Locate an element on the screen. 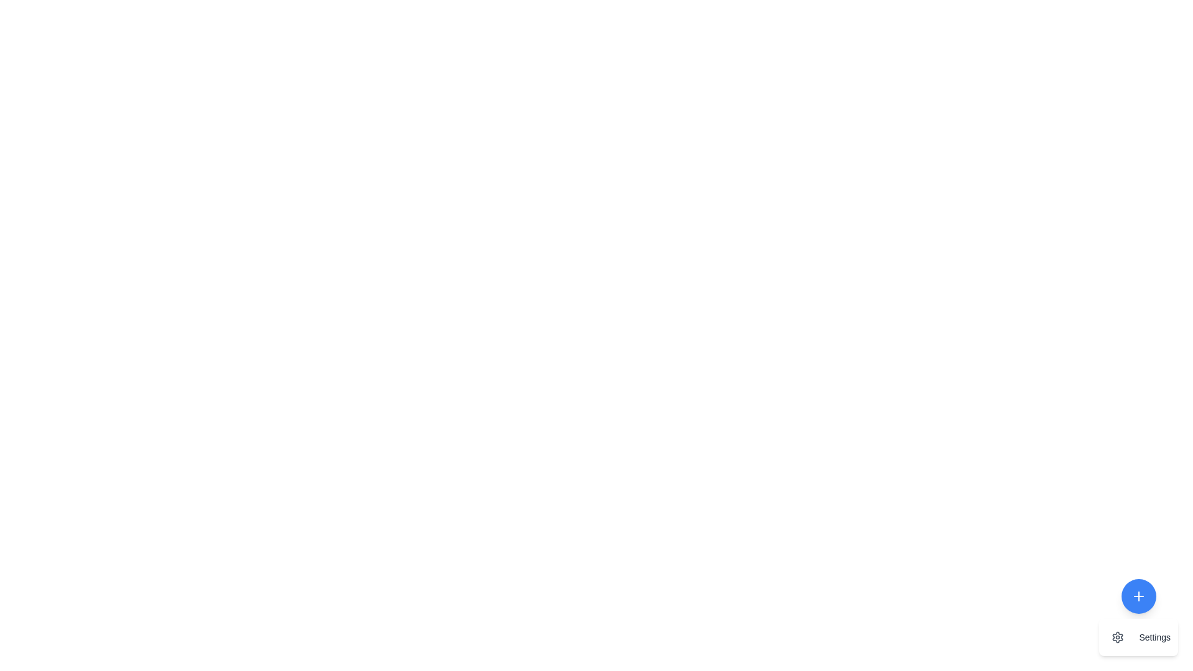 The width and height of the screenshot is (1193, 671). the circular gear icon button located to the left of the 'Settings' label is located at coordinates (1118, 637).